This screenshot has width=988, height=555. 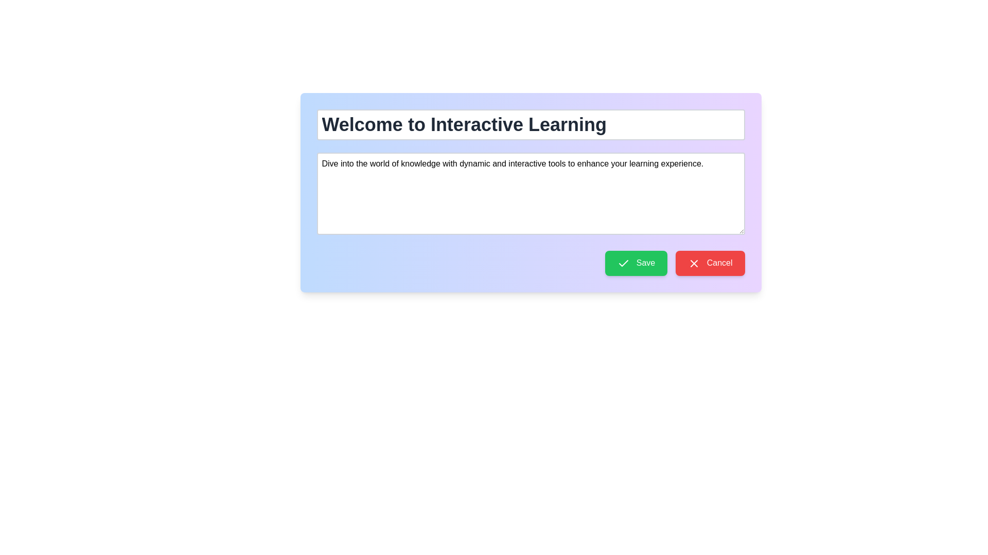 I want to click on the red 'Cancel' button with white text and an 'X' icon, so click(x=710, y=263).